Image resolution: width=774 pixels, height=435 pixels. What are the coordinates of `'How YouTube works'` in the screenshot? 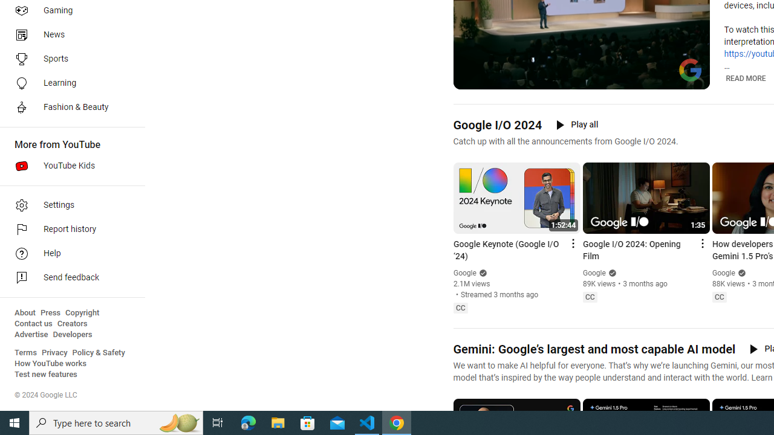 It's located at (50, 363).